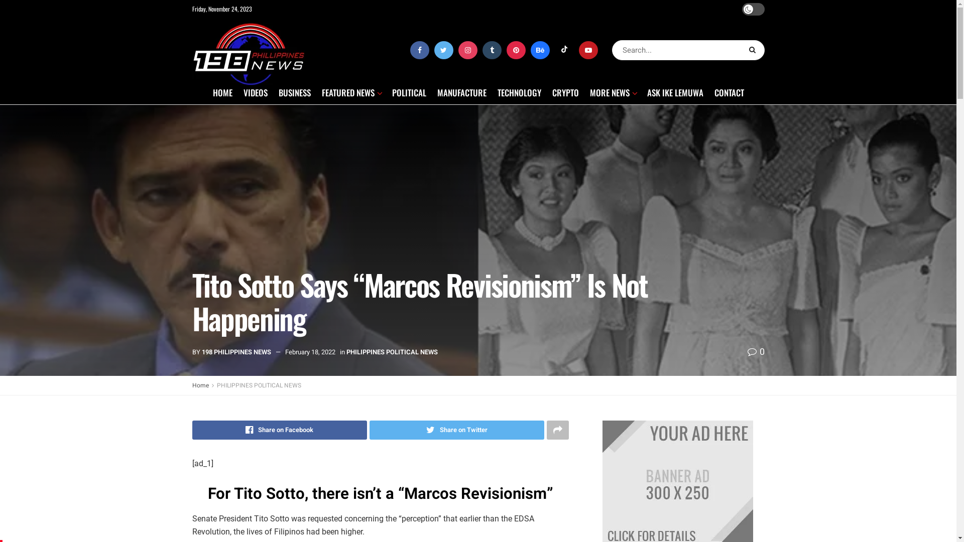 The height and width of the screenshot is (542, 964). What do you see at coordinates (222, 92) in the screenshot?
I see `'HOME'` at bounding box center [222, 92].